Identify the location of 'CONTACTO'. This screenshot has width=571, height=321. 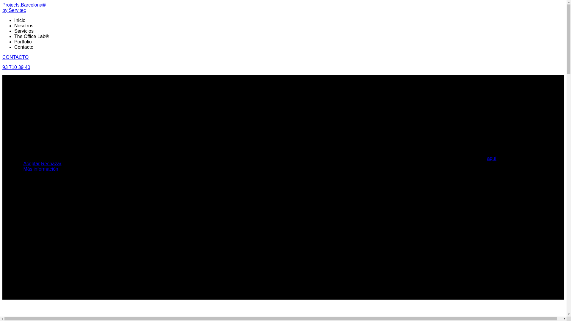
(2, 57).